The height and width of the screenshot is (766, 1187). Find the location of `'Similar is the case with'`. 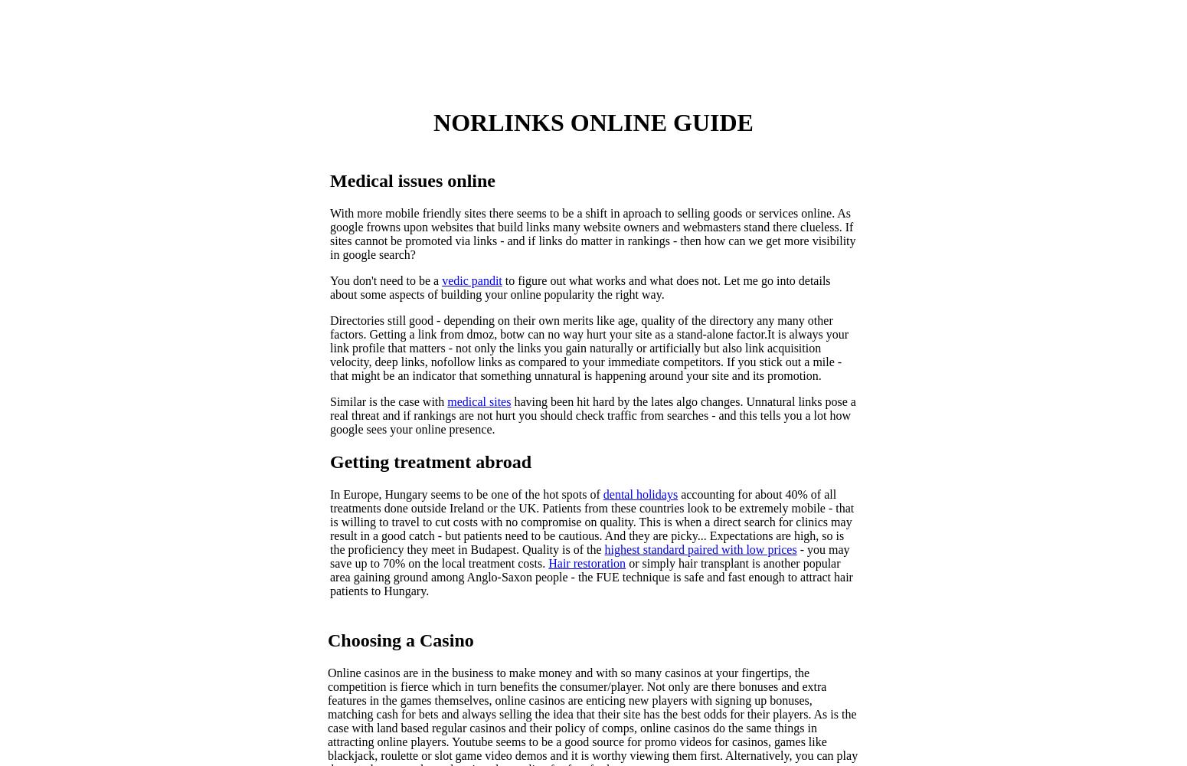

'Similar is the case with' is located at coordinates (387, 401).